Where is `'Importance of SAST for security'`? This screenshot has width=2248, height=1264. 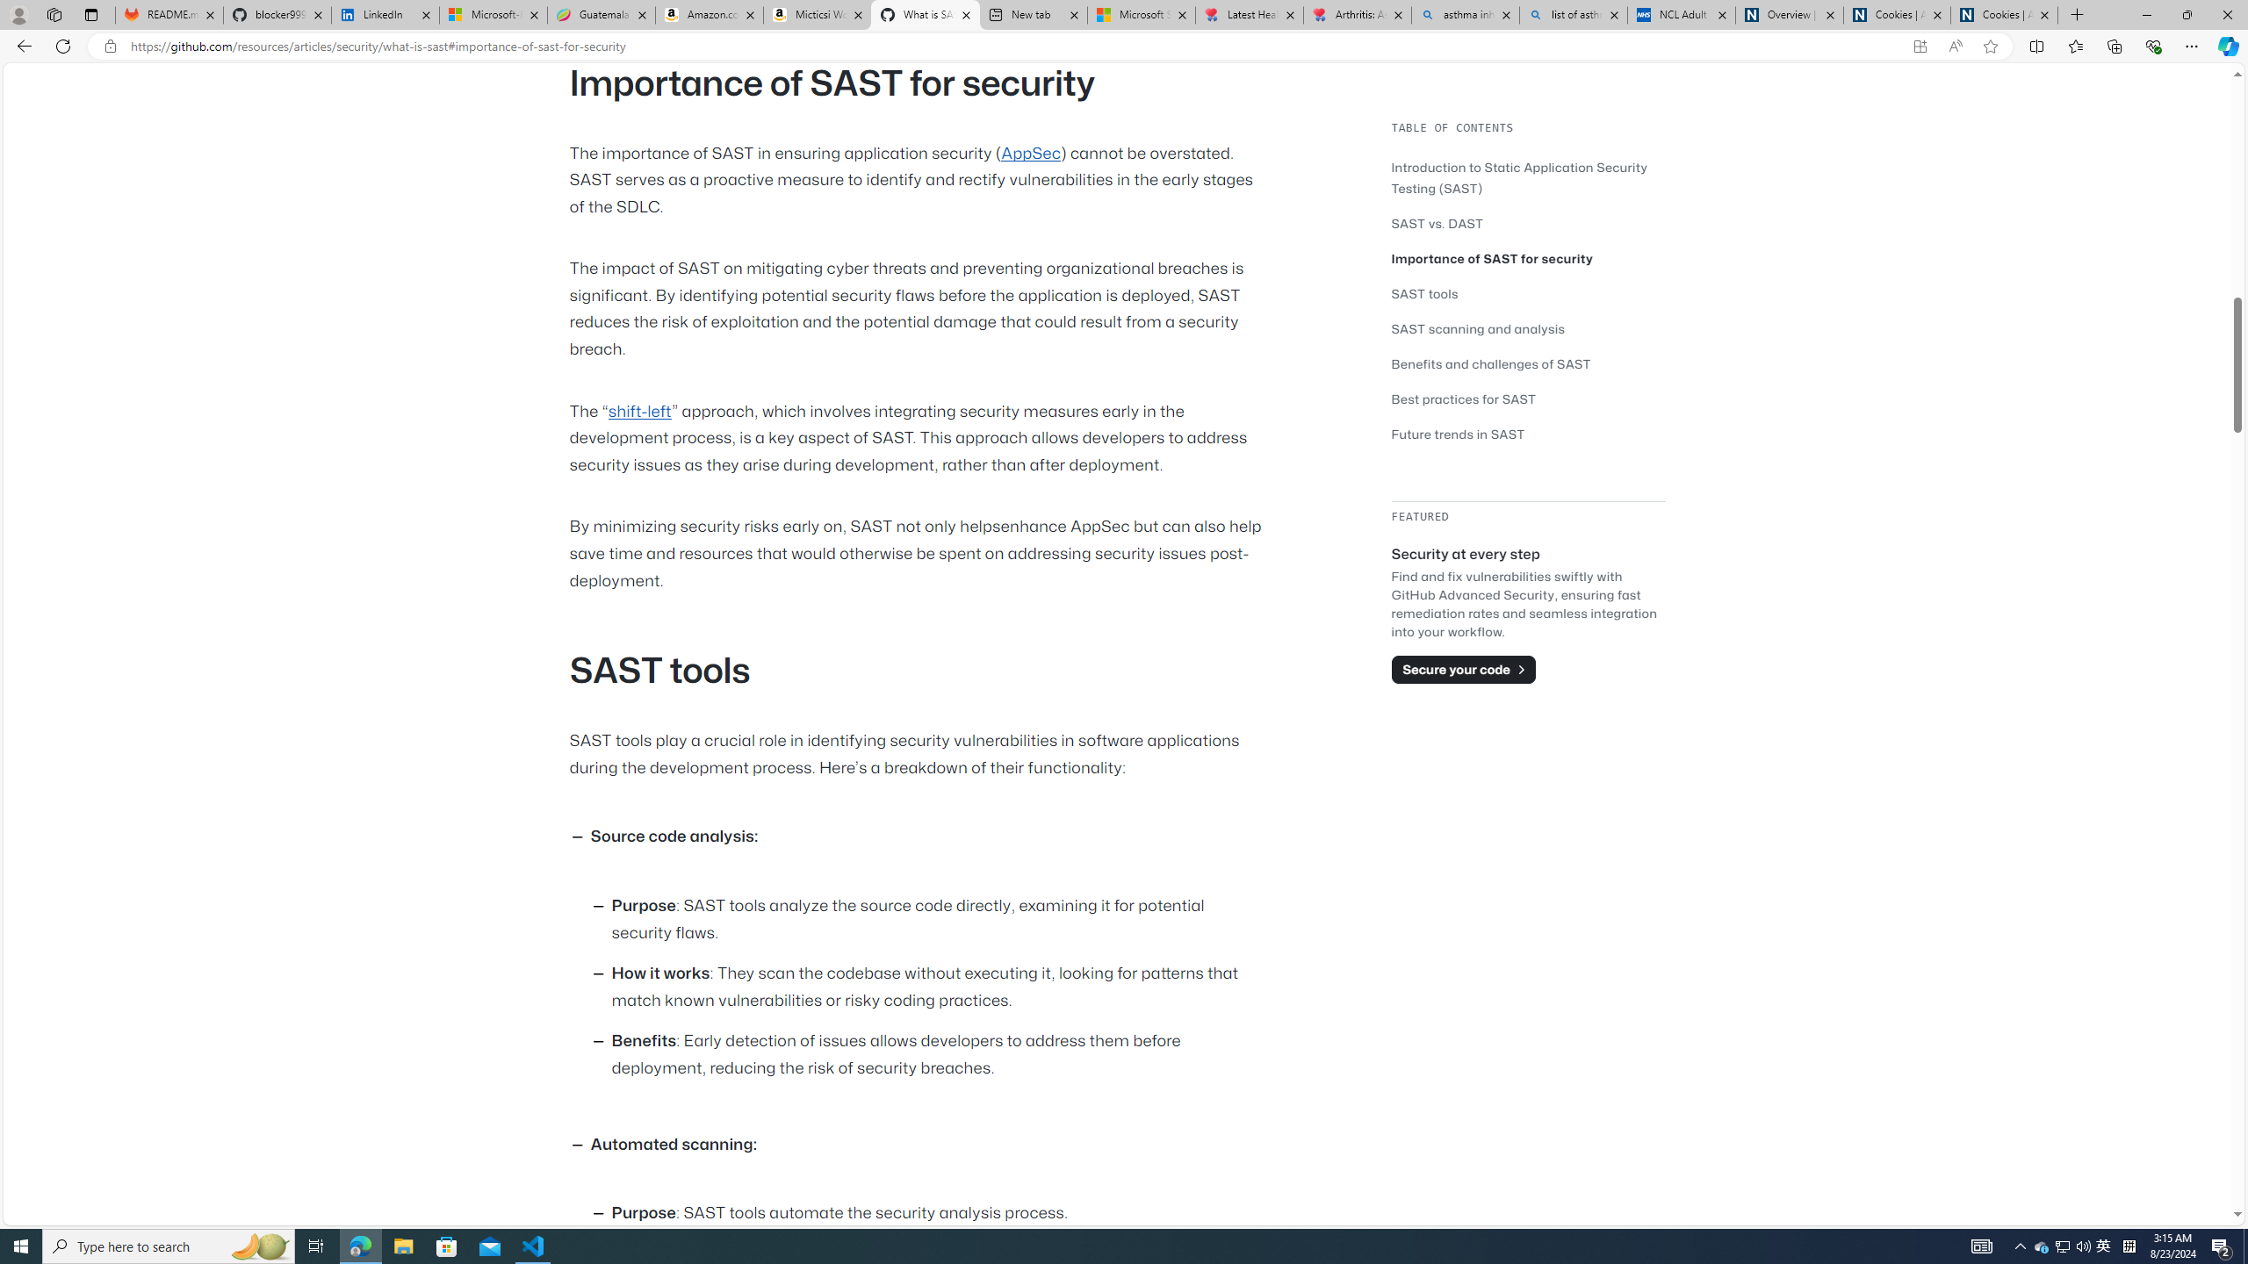 'Importance of SAST for security' is located at coordinates (1492, 258).